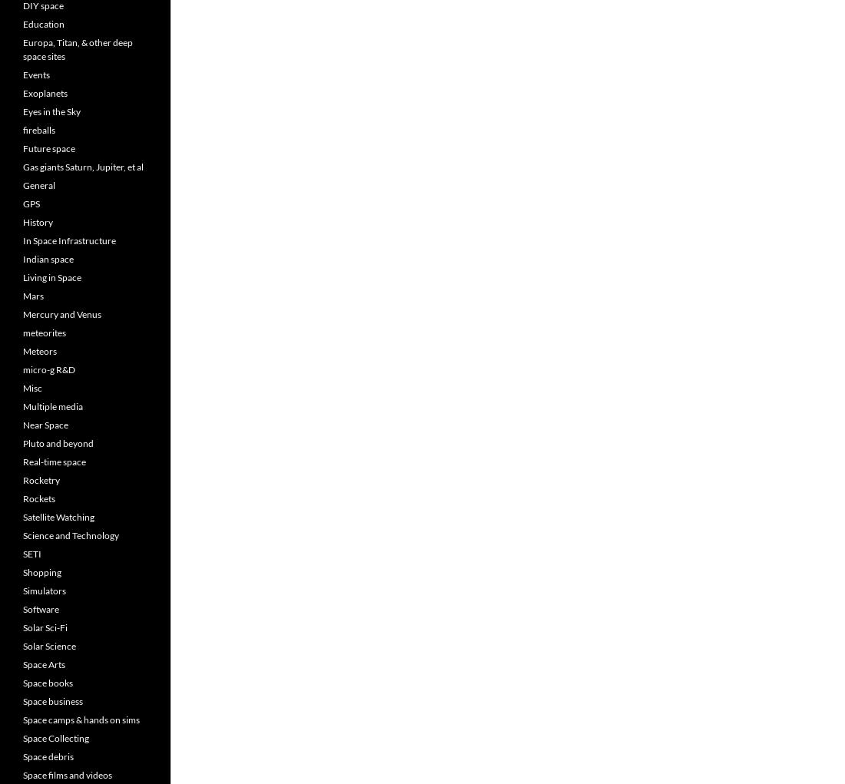  I want to click on 'Simulators', so click(22, 590).